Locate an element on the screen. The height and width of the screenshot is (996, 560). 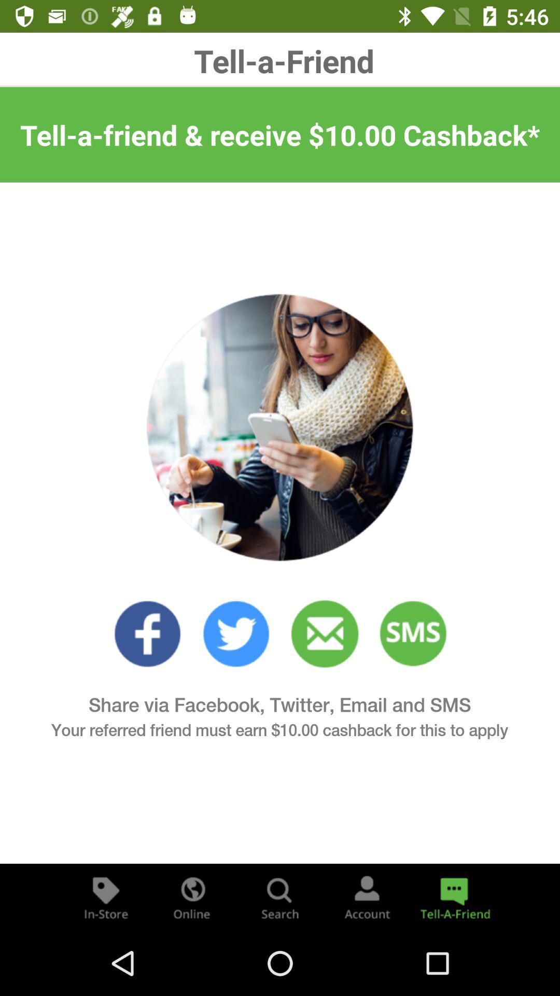
the facebook icon is located at coordinates (147, 633).